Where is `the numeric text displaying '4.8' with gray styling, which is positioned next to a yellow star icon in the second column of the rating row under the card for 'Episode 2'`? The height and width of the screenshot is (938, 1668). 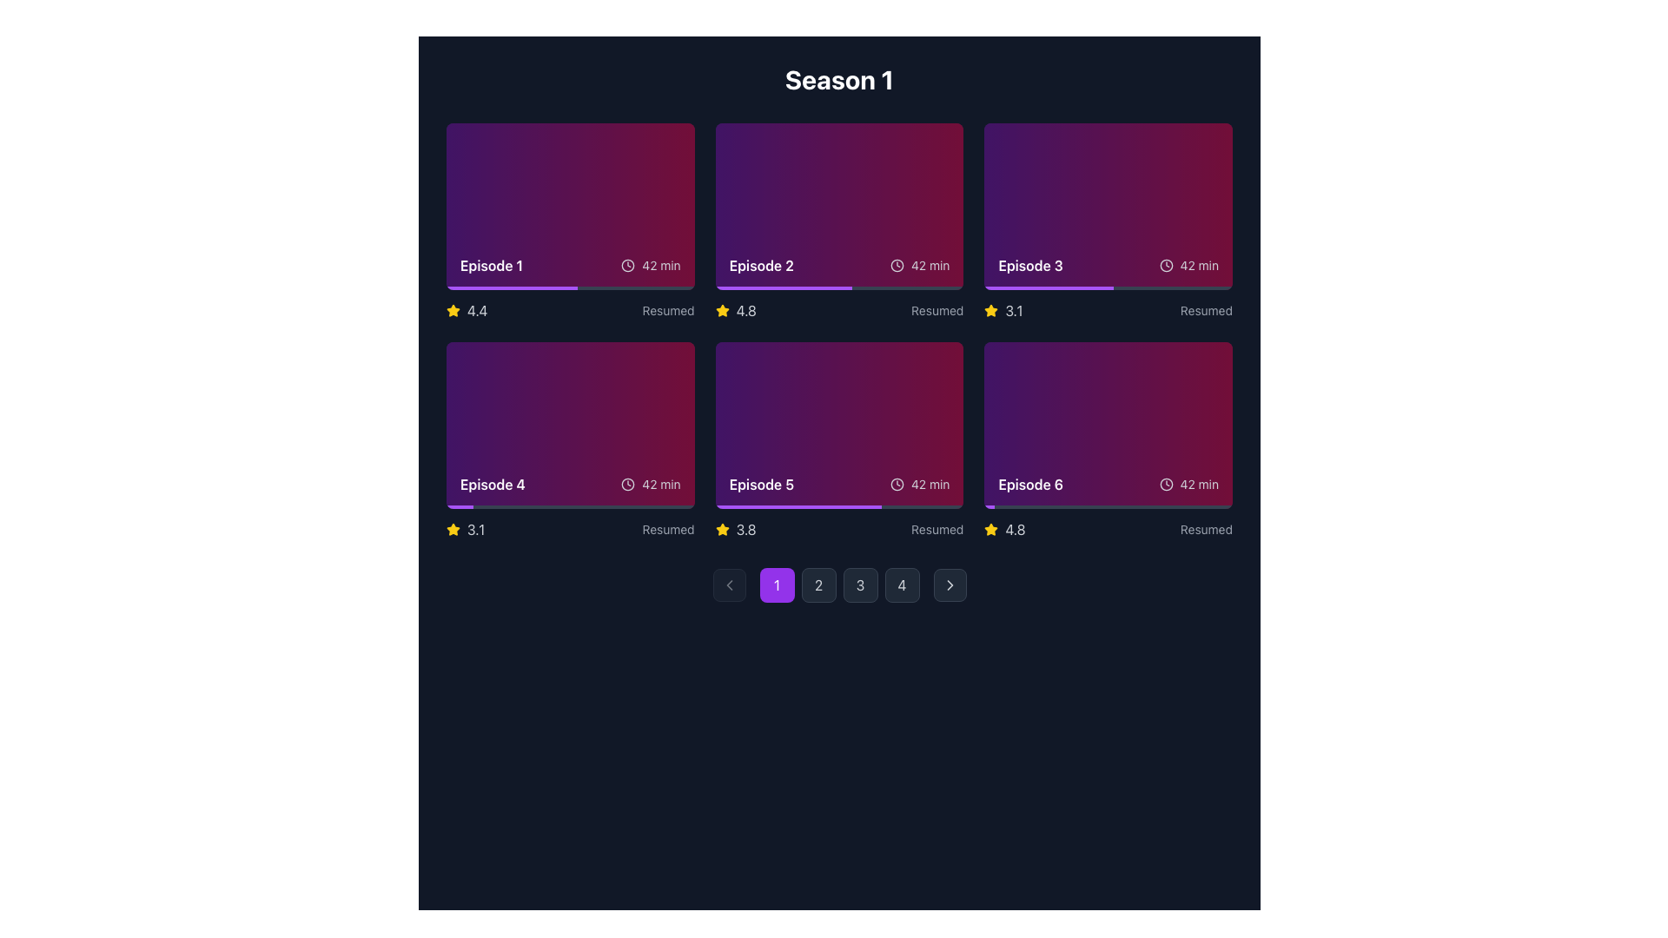 the numeric text displaying '4.8' with gray styling, which is positioned next to a yellow star icon in the second column of the rating row under the card for 'Episode 2' is located at coordinates (746, 310).